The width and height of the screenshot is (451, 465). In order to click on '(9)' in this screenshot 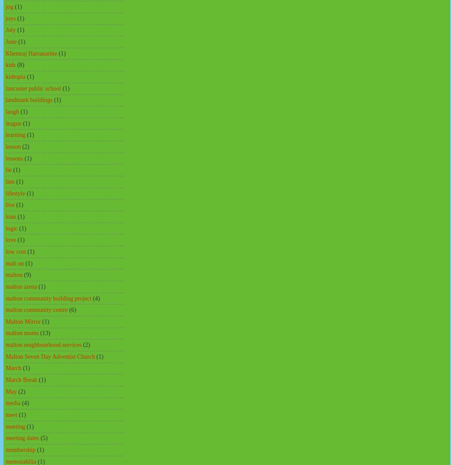, I will do `click(27, 274)`.